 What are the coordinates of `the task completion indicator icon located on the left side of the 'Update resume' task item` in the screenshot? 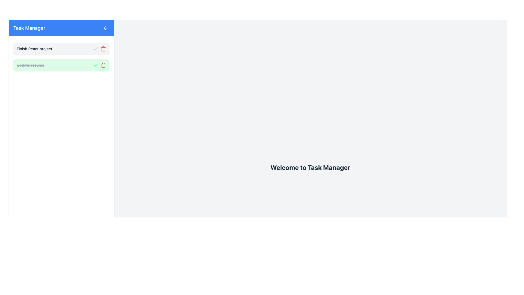 It's located at (96, 65).